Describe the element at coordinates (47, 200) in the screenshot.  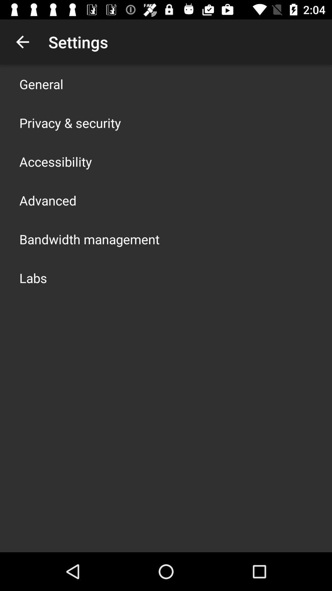
I see `the item above bandwidth management item` at that location.